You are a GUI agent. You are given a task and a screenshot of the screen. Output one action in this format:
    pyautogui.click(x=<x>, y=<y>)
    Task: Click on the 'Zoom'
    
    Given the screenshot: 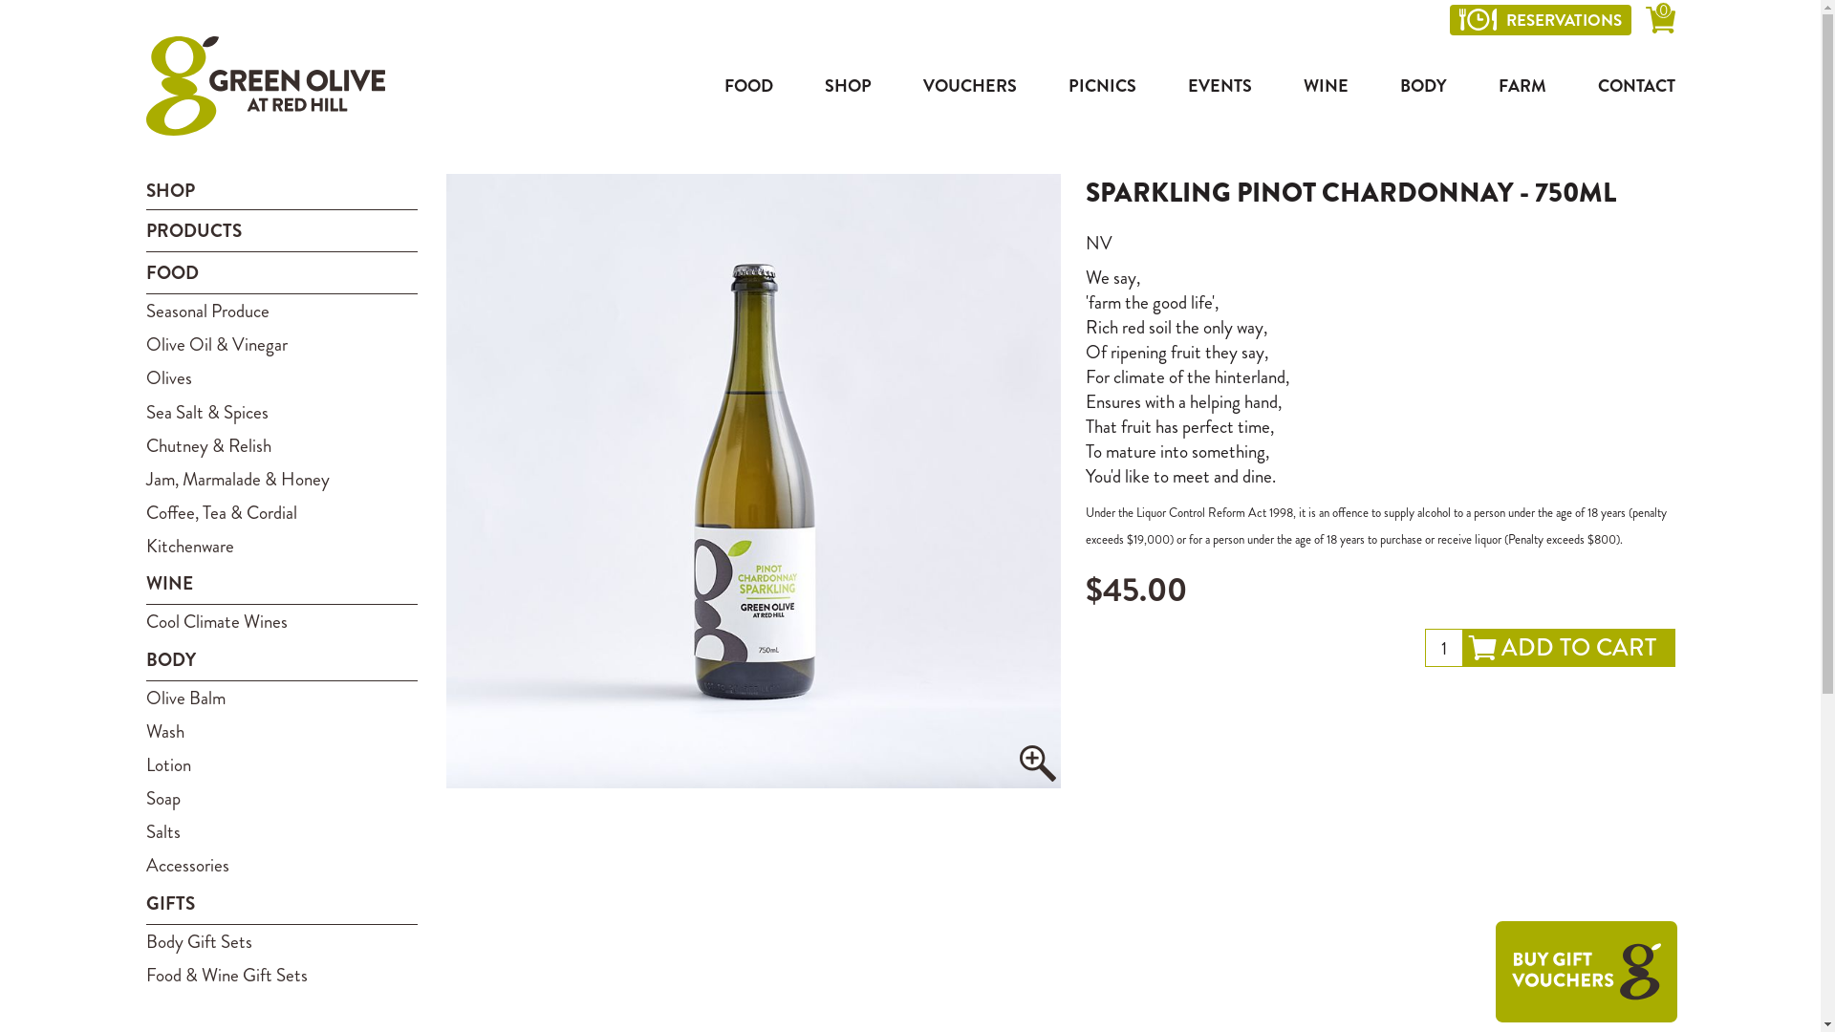 What is the action you would take?
    pyautogui.click(x=1036, y=762)
    